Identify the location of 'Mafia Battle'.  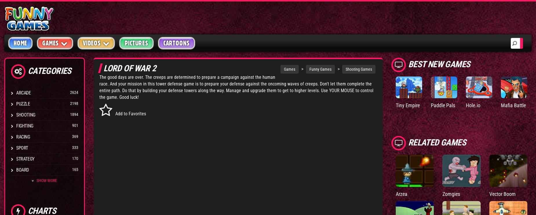
(513, 105).